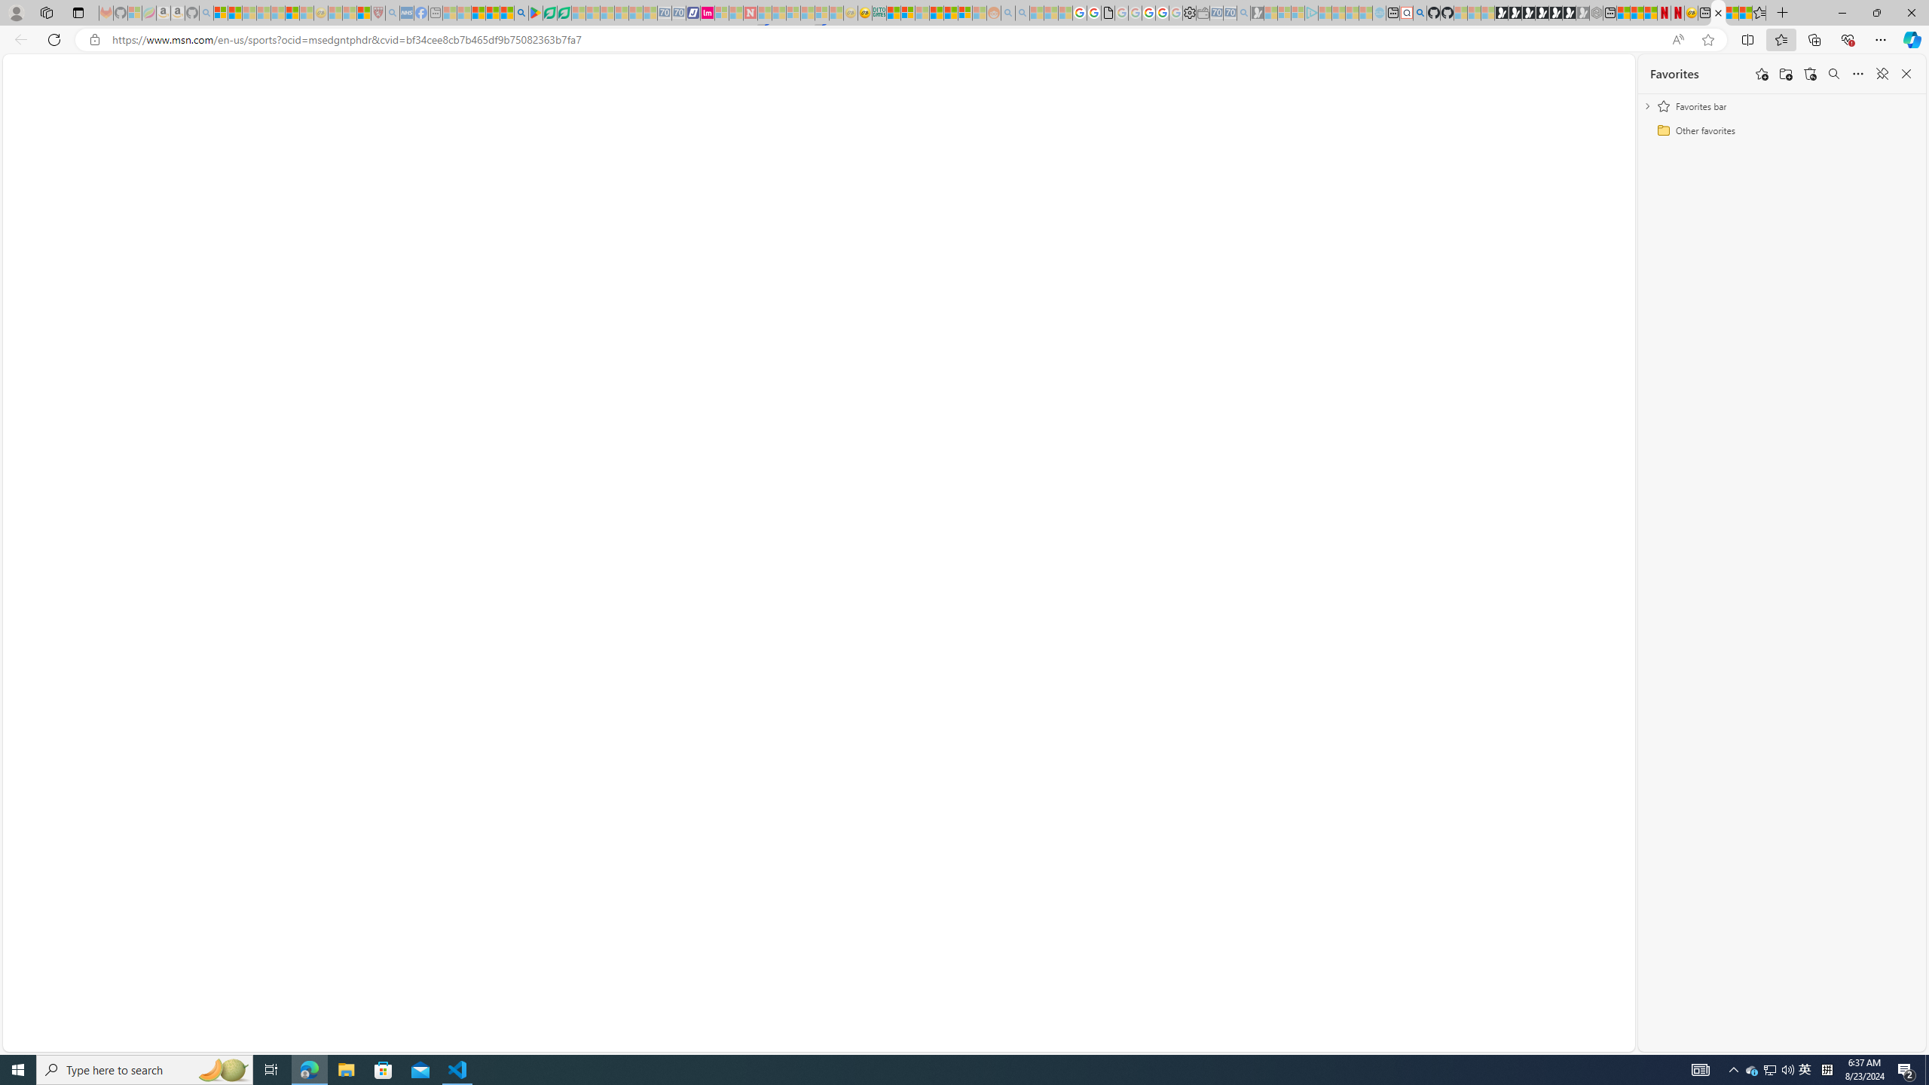 The image size is (1929, 1085). Describe the element at coordinates (1419, 12) in the screenshot. I see `'github - Search'` at that location.